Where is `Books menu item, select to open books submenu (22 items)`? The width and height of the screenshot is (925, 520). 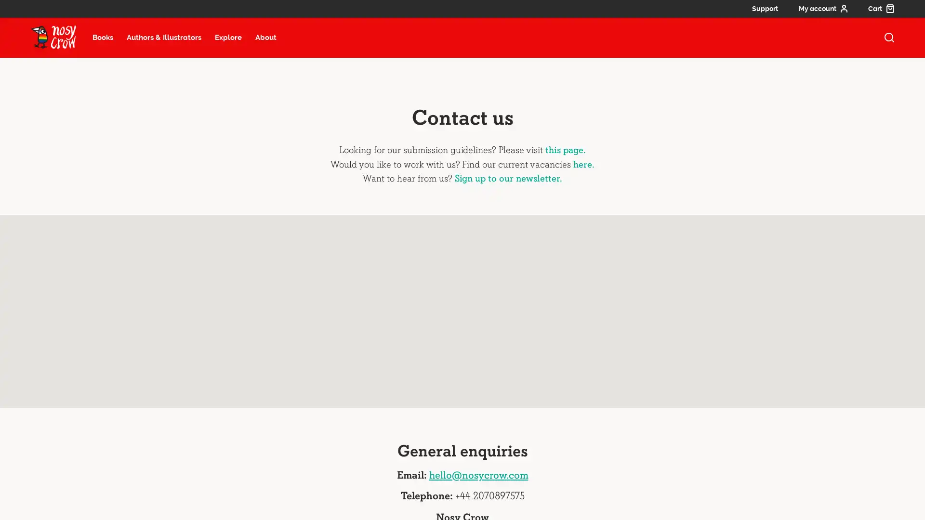
Books menu item, select to open books submenu (22 items) is located at coordinates (103, 37).